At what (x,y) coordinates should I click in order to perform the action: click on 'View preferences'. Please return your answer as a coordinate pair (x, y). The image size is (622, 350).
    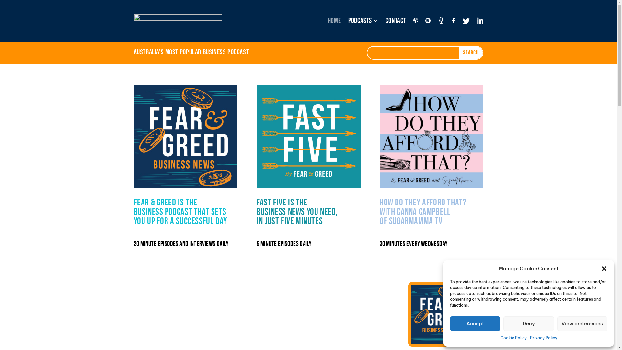
    Looking at the image, I should click on (582, 323).